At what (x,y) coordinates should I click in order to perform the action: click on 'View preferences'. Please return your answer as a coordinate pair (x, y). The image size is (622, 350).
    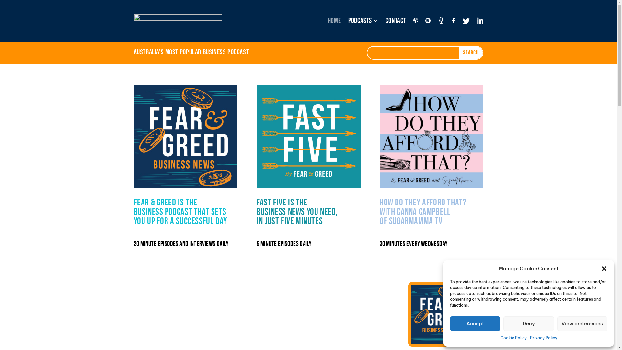
    Looking at the image, I should click on (582, 323).